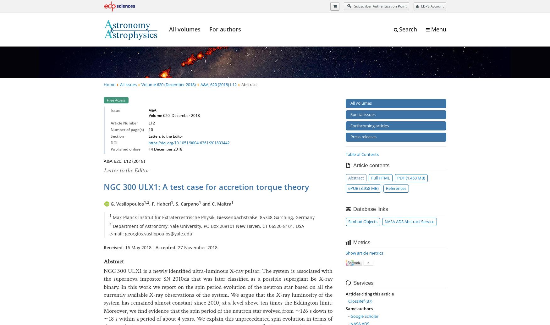 Image resolution: width=550 pixels, height=325 pixels. I want to click on 'Books', so click(163, 6).